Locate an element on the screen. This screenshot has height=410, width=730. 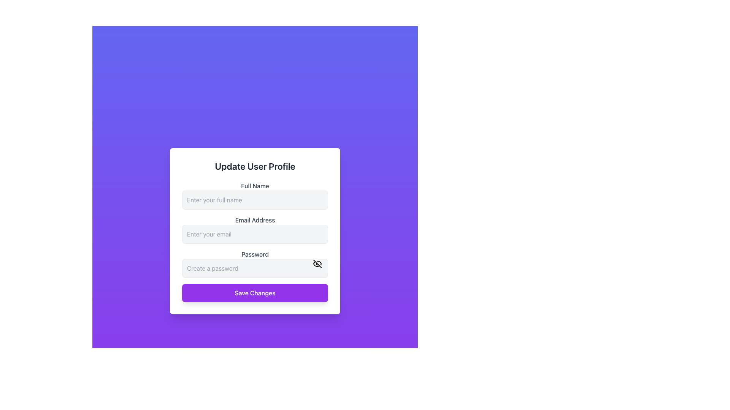
the email input box within the 'Update User Profile' form to focus it is located at coordinates (255, 229).